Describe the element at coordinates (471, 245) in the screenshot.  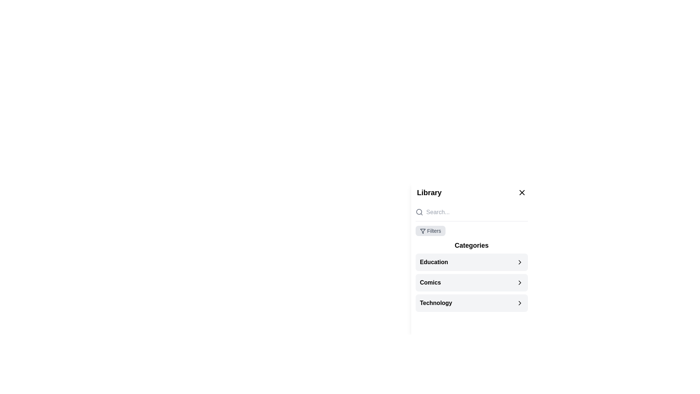
I see `the non-interactive title text label located in the sidebar panel, which categorizes the list items 'Education', 'Comics', and 'Technology'` at that location.